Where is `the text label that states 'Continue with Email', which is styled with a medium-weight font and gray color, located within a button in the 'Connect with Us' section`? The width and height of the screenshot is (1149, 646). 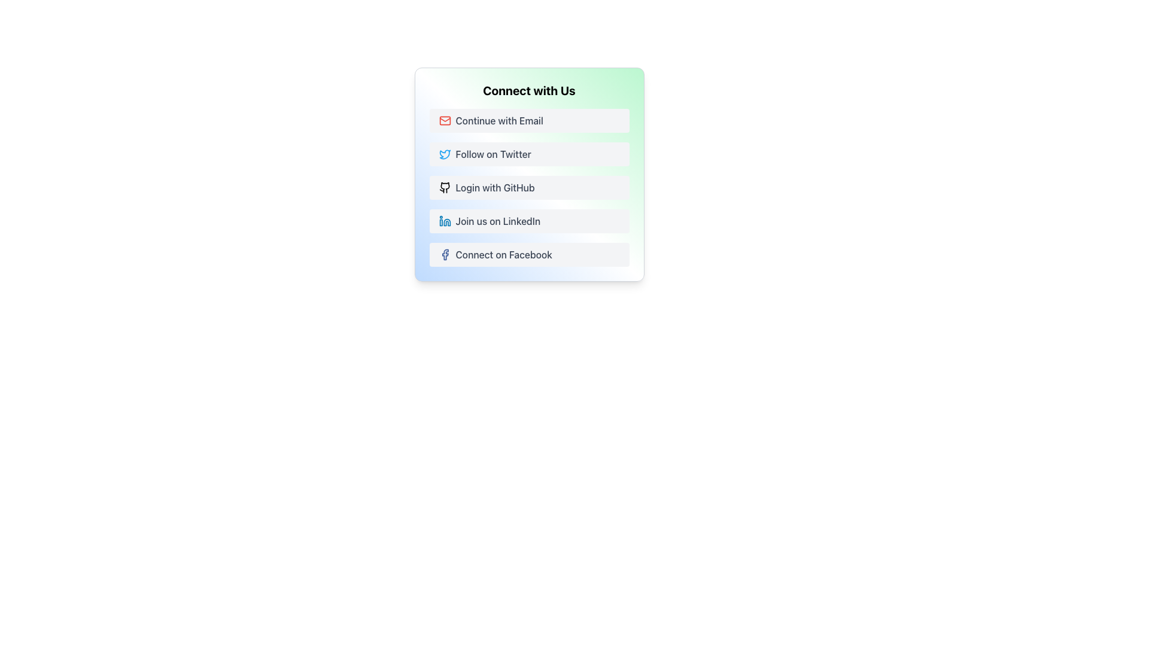
the text label that states 'Continue with Email', which is styled with a medium-weight font and gray color, located within a button in the 'Connect with Us' section is located at coordinates (499, 120).